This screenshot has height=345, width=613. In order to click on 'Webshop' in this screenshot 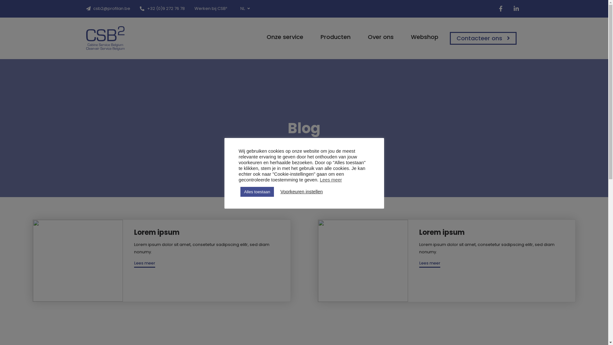, I will do `click(421, 37)`.